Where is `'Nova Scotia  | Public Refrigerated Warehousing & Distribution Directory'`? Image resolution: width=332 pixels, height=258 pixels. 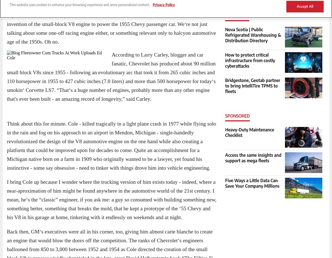 'Nova Scotia  | Public Refrigerated Warehousing & Distribution Directory' is located at coordinates (253, 34).